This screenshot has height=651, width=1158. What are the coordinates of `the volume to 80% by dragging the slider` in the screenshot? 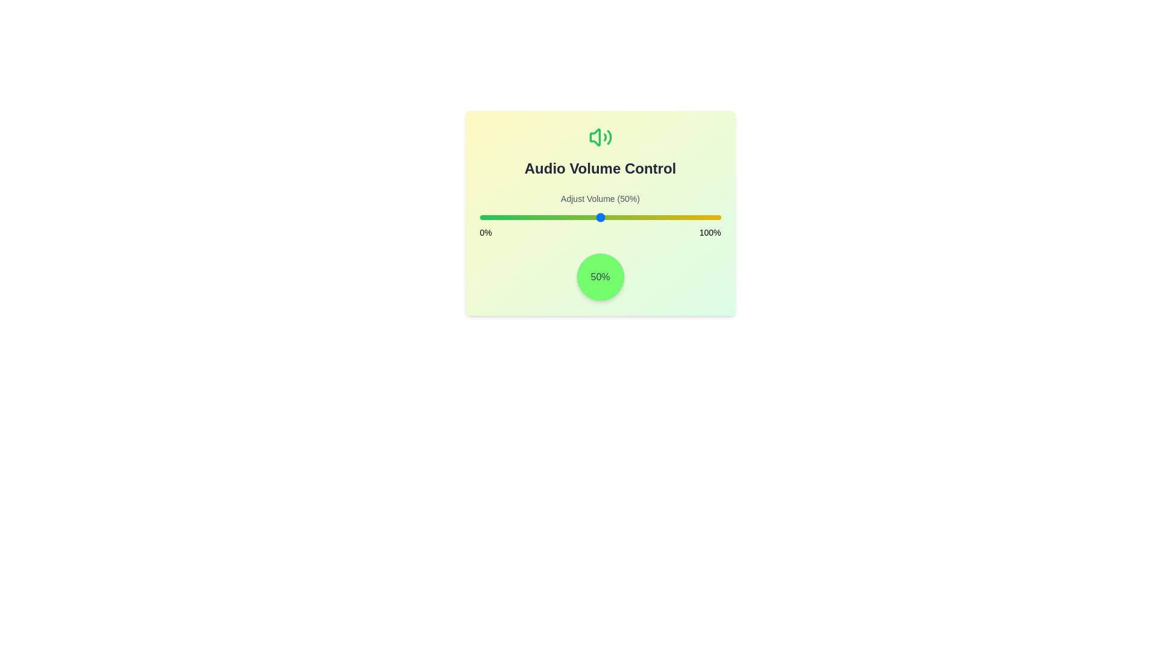 It's located at (672, 218).